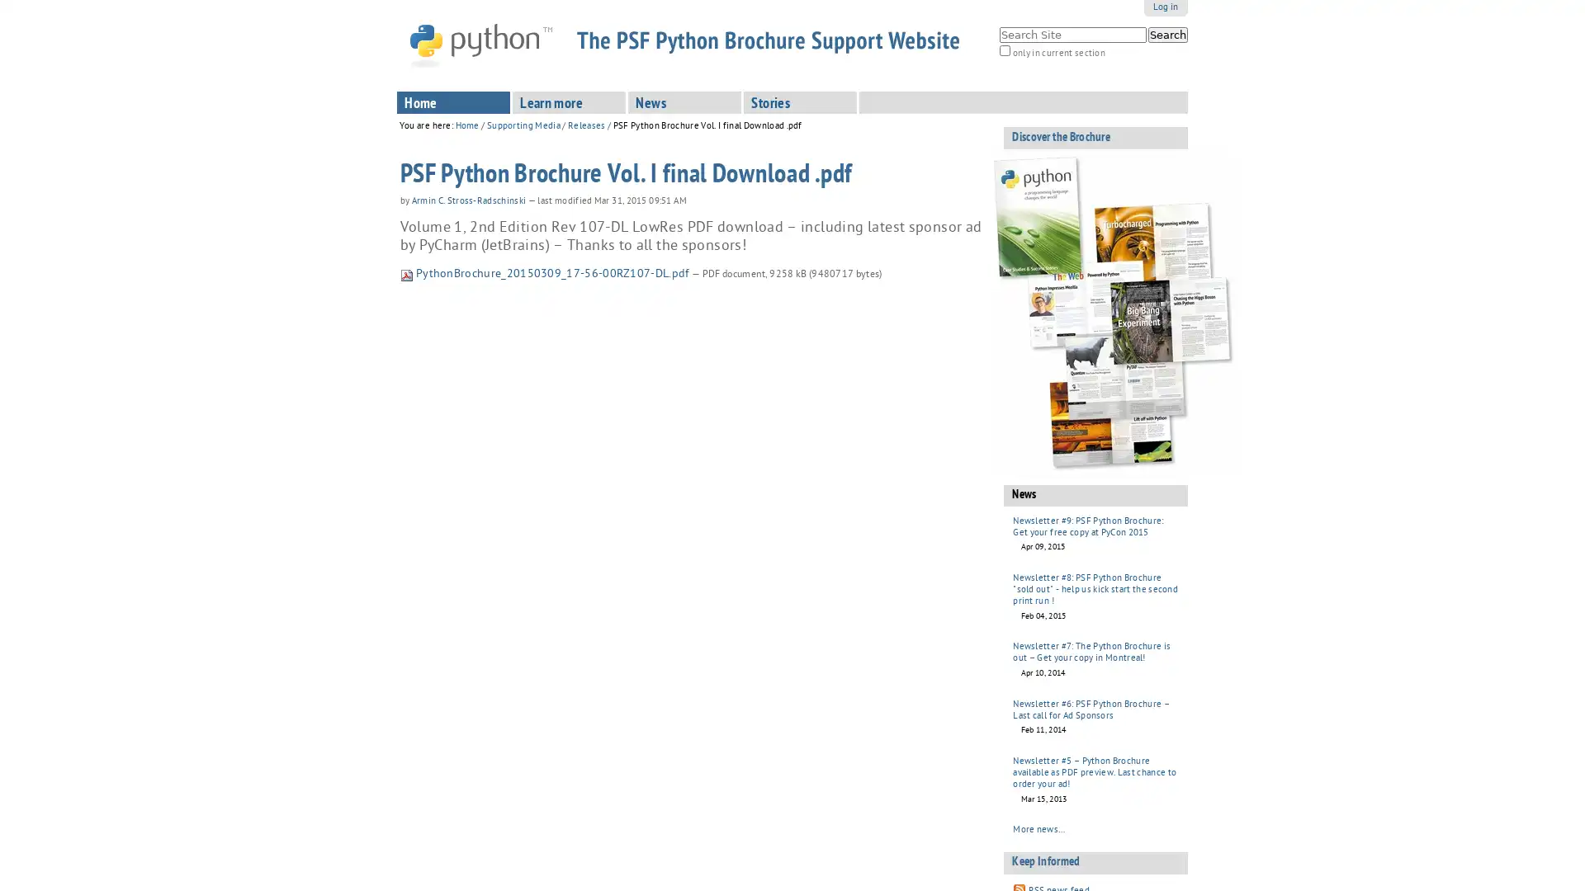 The height and width of the screenshot is (891, 1585). I want to click on Search, so click(1166, 35).